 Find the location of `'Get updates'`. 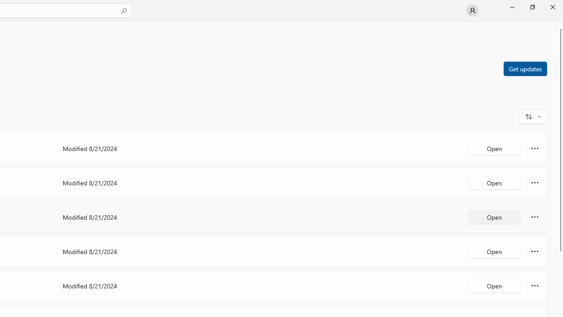

'Get updates' is located at coordinates (525, 68).